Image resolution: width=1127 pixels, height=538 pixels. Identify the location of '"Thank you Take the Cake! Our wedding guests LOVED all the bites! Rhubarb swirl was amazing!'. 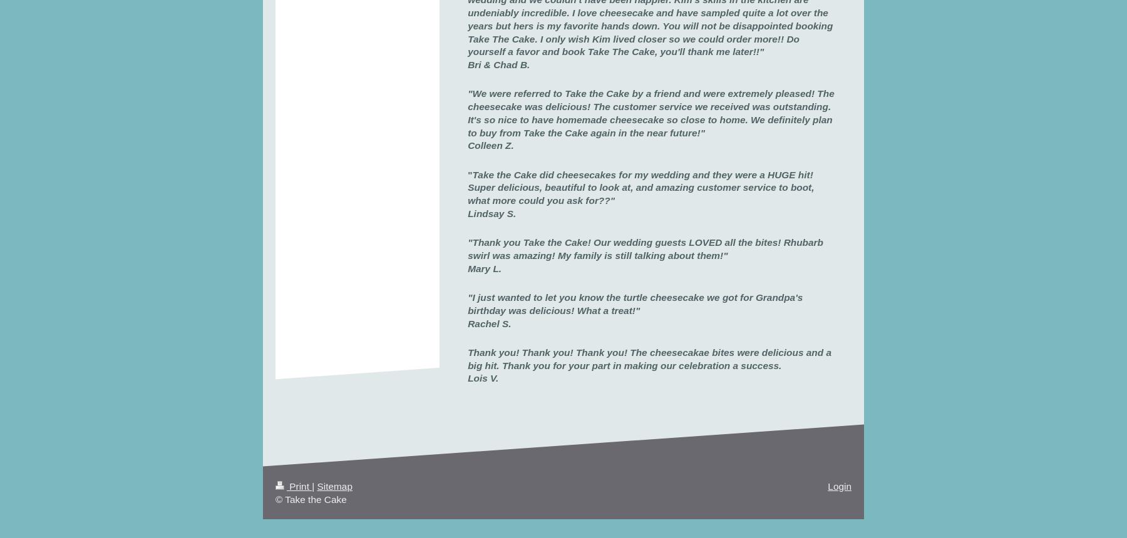
(645, 248).